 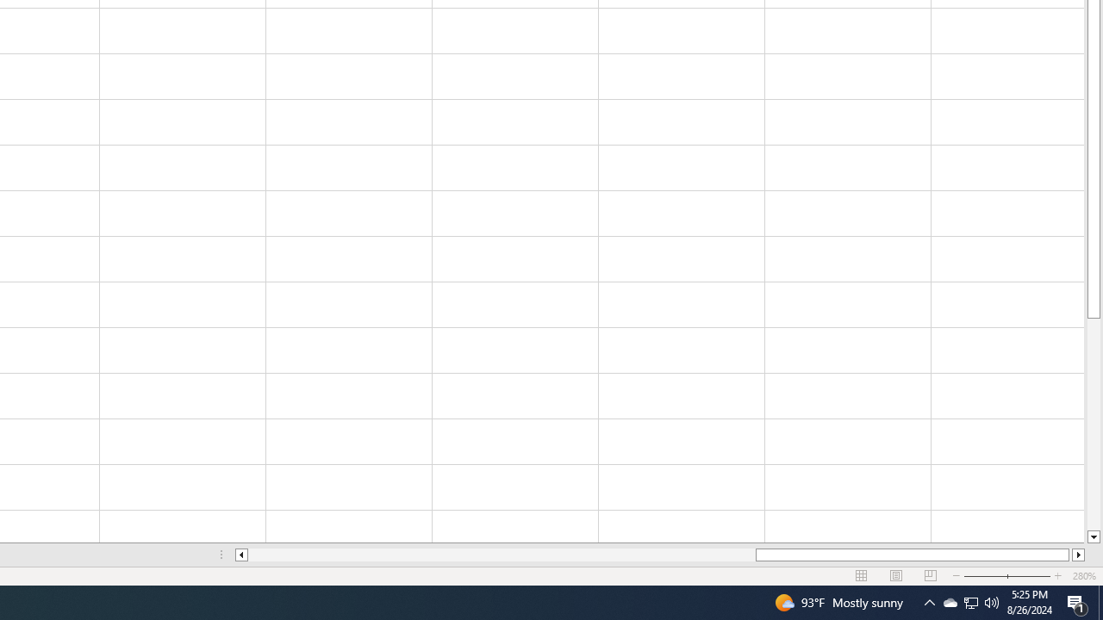 What do you see at coordinates (1093, 536) in the screenshot?
I see `'Line down'` at bounding box center [1093, 536].